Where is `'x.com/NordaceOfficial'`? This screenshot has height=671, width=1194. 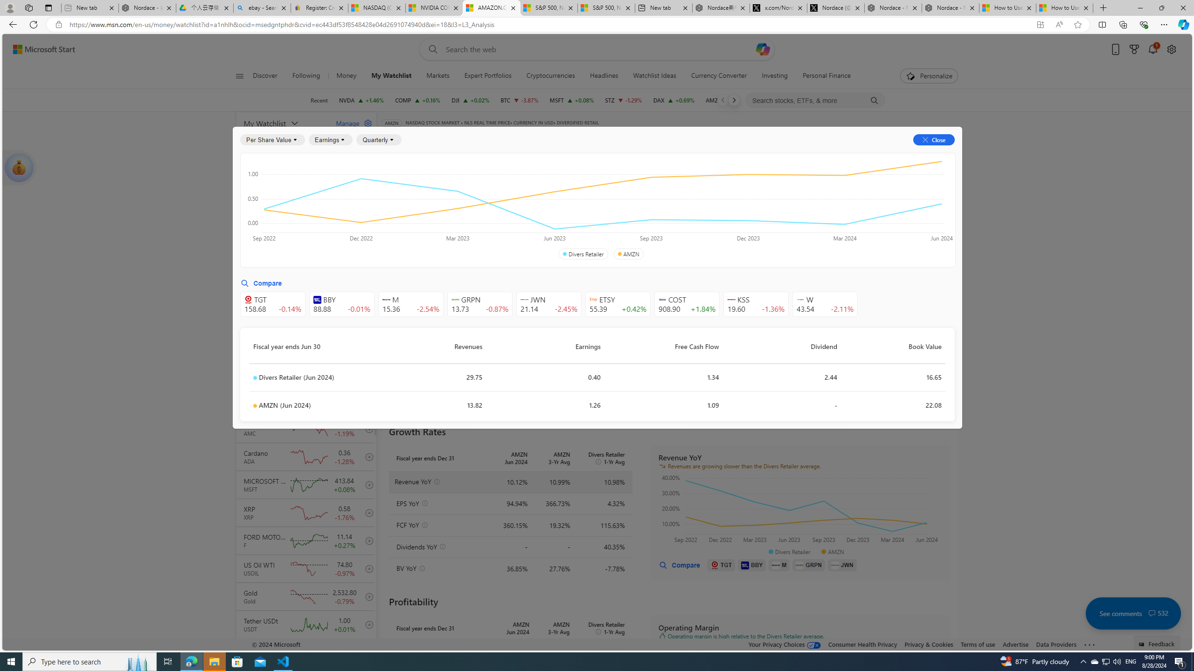
'x.com/NordaceOfficial' is located at coordinates (778, 7).